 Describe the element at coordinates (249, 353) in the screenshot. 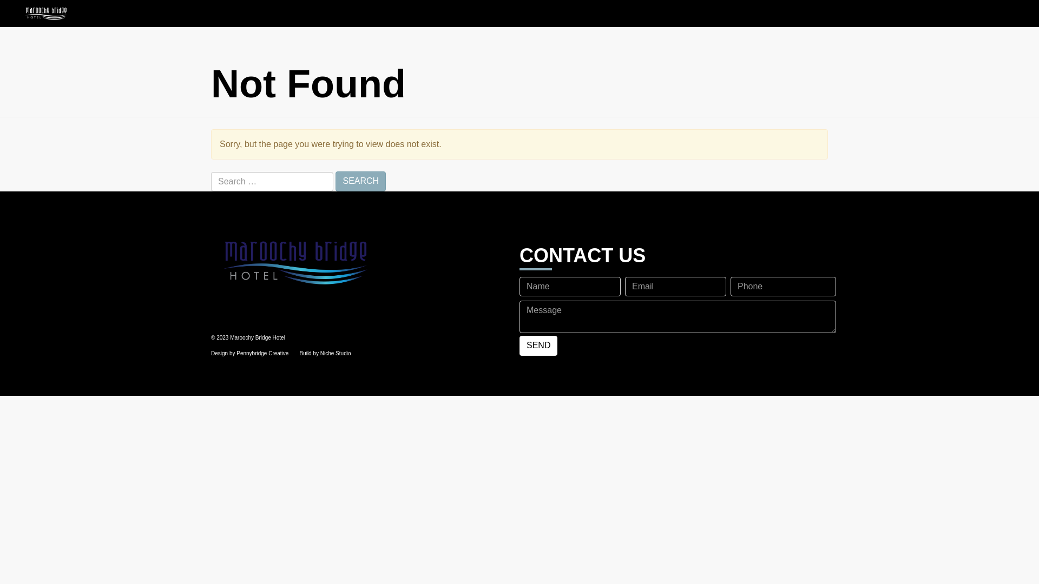

I see `'Design by Pennybridge Creative'` at that location.